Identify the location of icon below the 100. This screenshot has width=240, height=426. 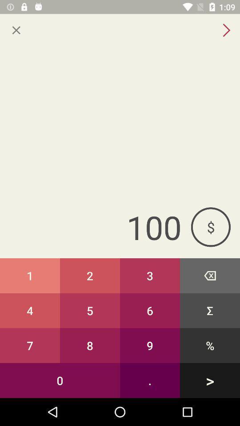
(210, 275).